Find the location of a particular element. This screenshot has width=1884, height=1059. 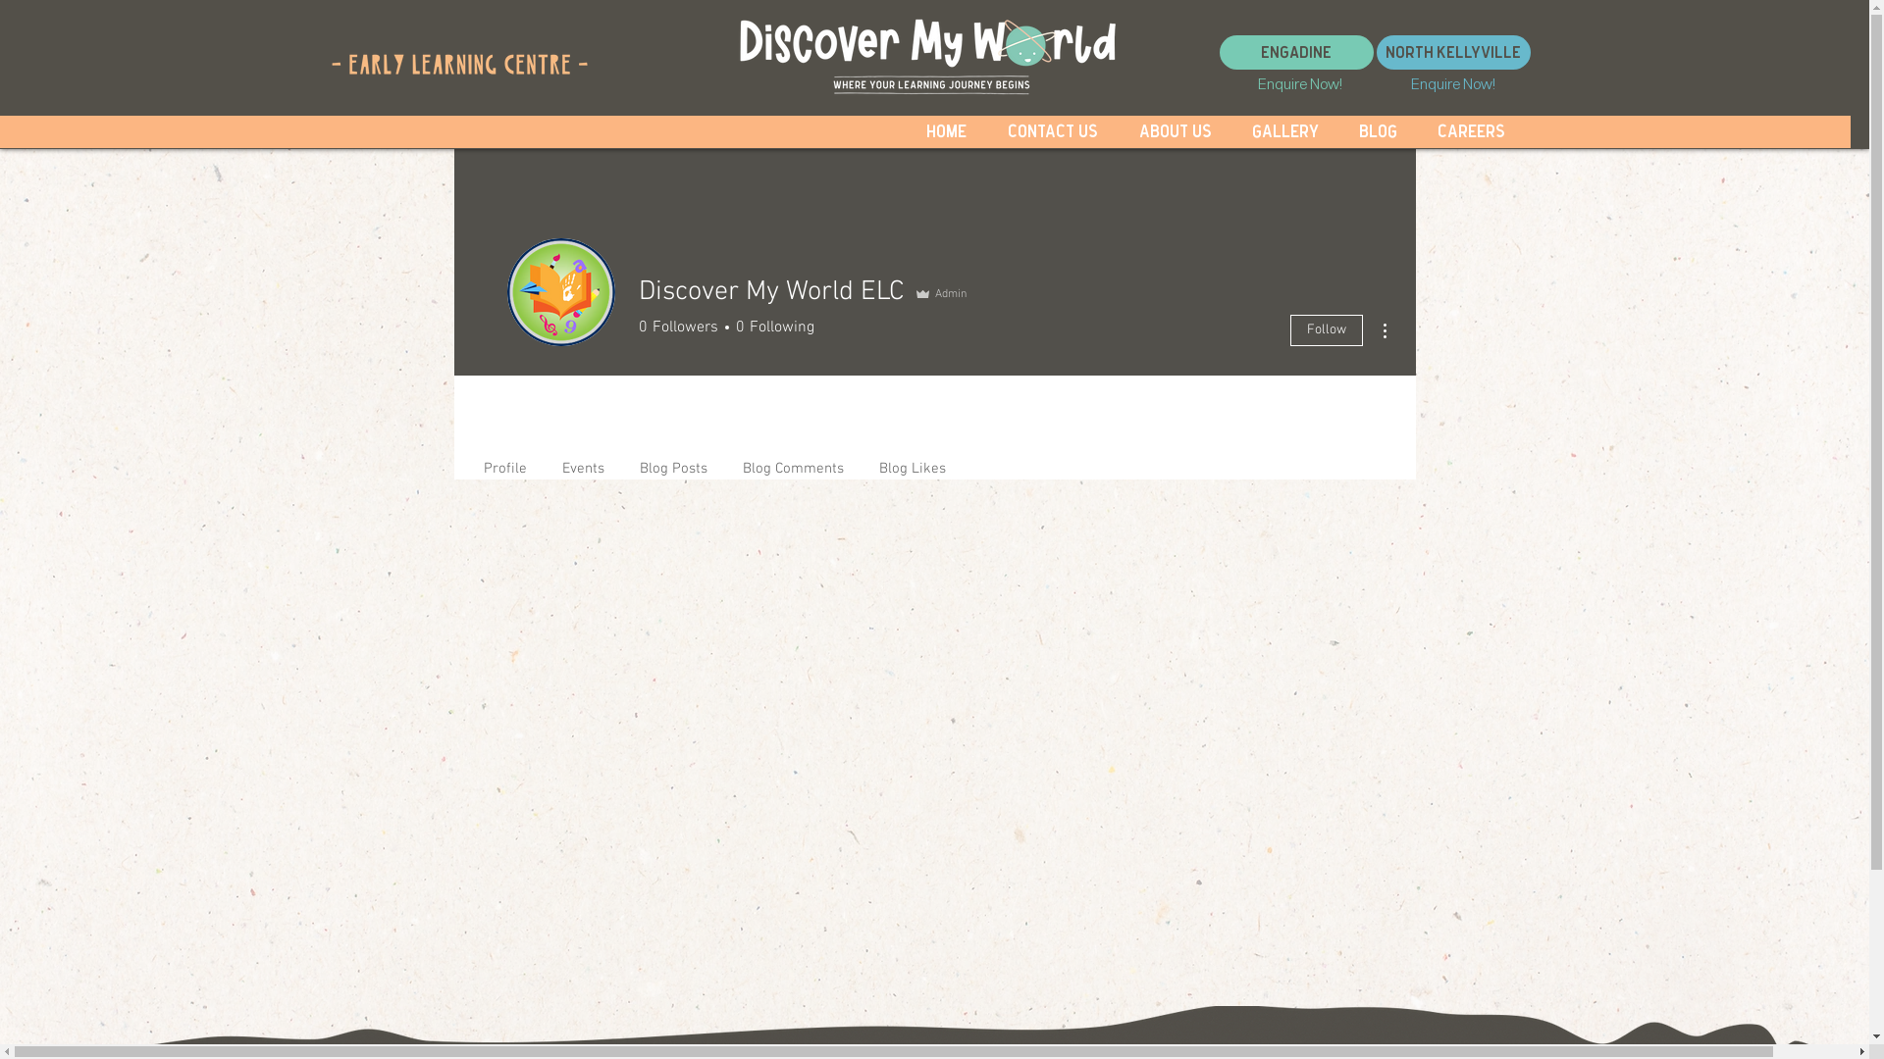

'Careers' is located at coordinates (1470, 132).